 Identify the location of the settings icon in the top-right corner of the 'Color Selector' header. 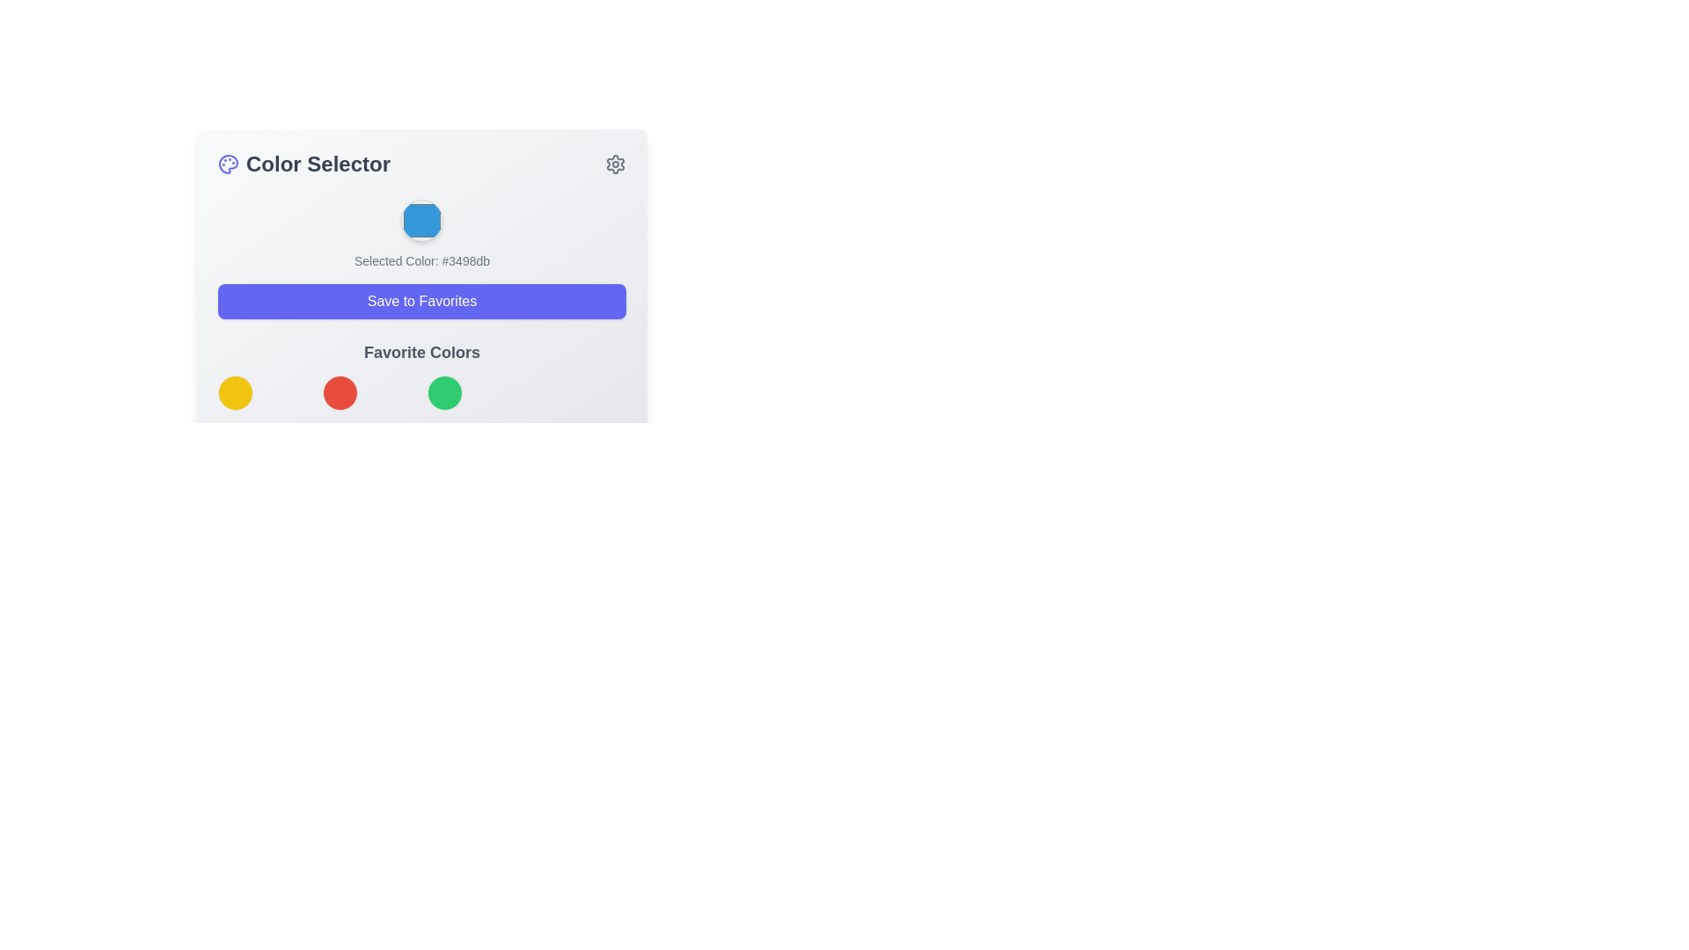
(616, 164).